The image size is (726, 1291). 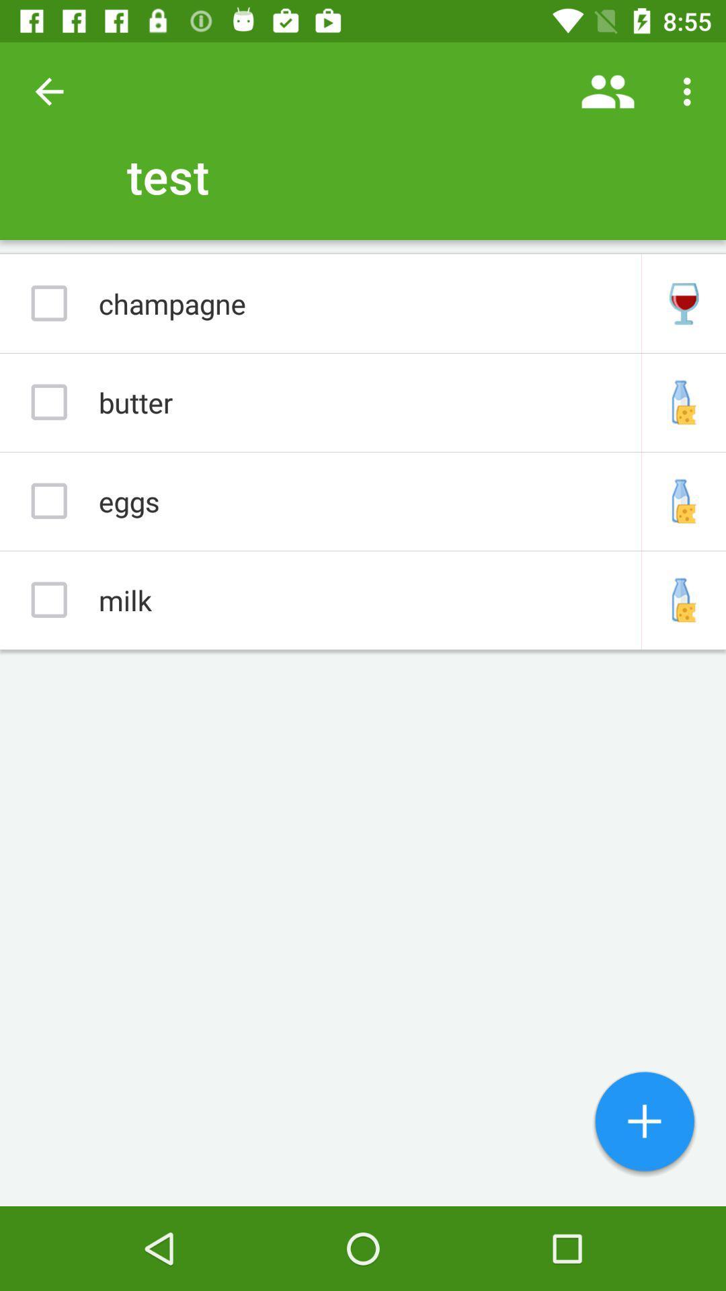 What do you see at coordinates (684, 303) in the screenshot?
I see `symbol which is on right to champagne` at bounding box center [684, 303].